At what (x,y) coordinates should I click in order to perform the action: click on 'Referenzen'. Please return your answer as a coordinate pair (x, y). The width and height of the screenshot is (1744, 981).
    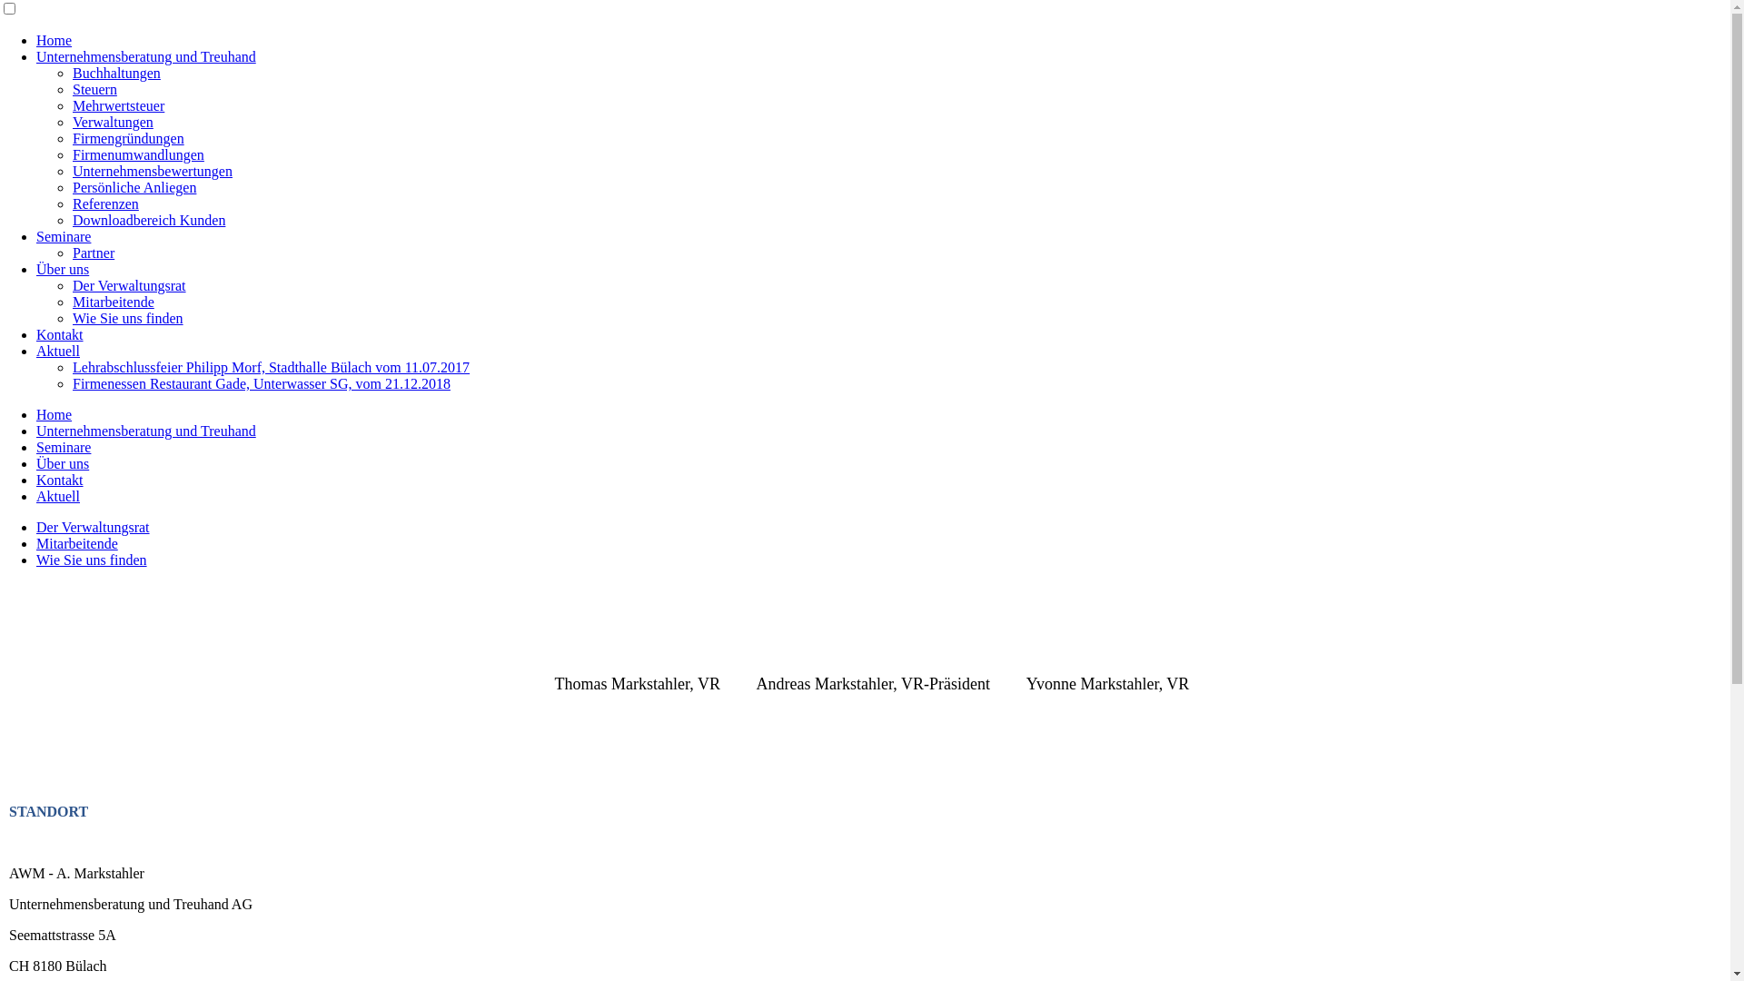
    Looking at the image, I should click on (104, 203).